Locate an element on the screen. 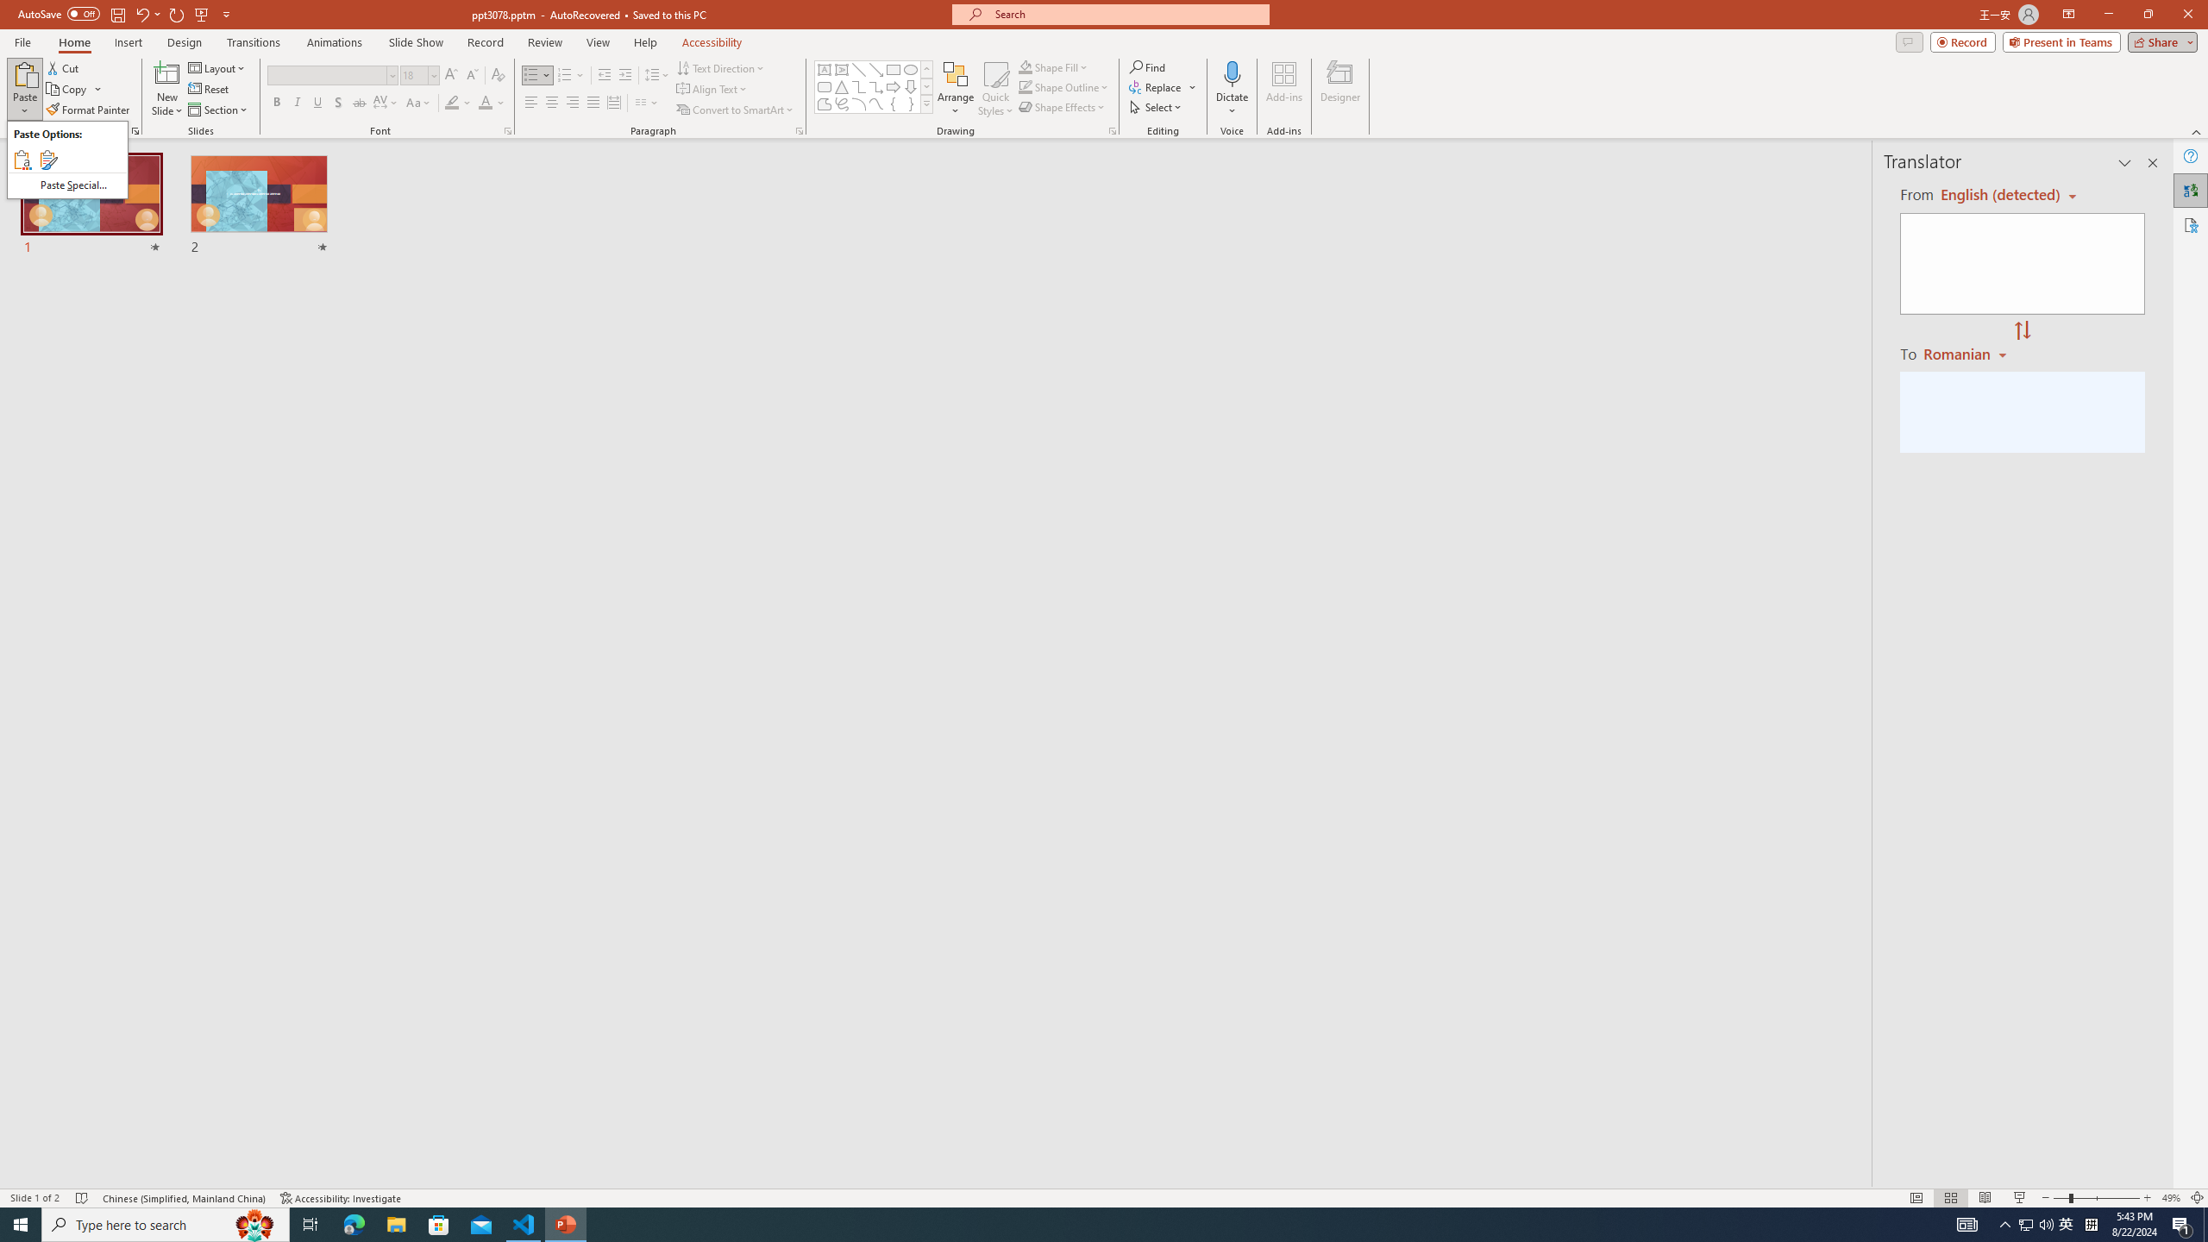  'Shape Outline Green, Accent 1' is located at coordinates (1026, 85).